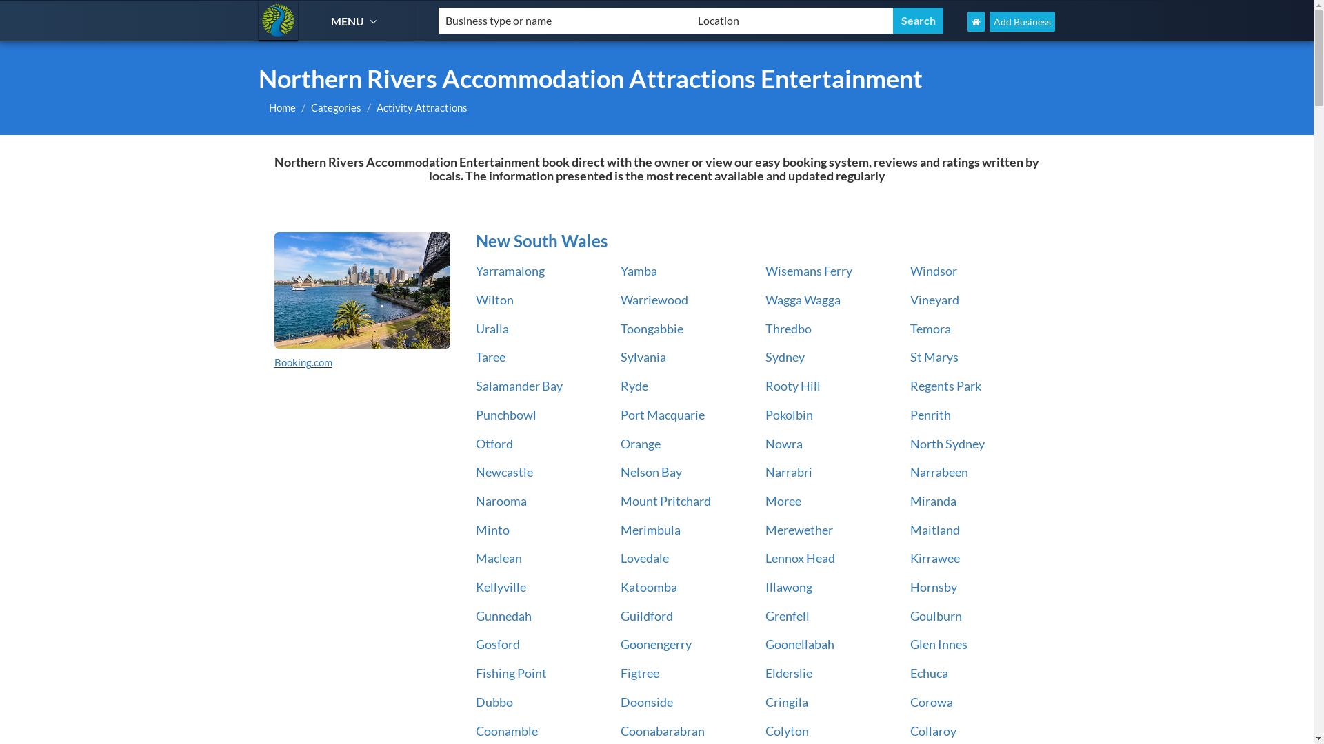  Describe the element at coordinates (789, 413) in the screenshot. I see `'Pokolbin'` at that location.